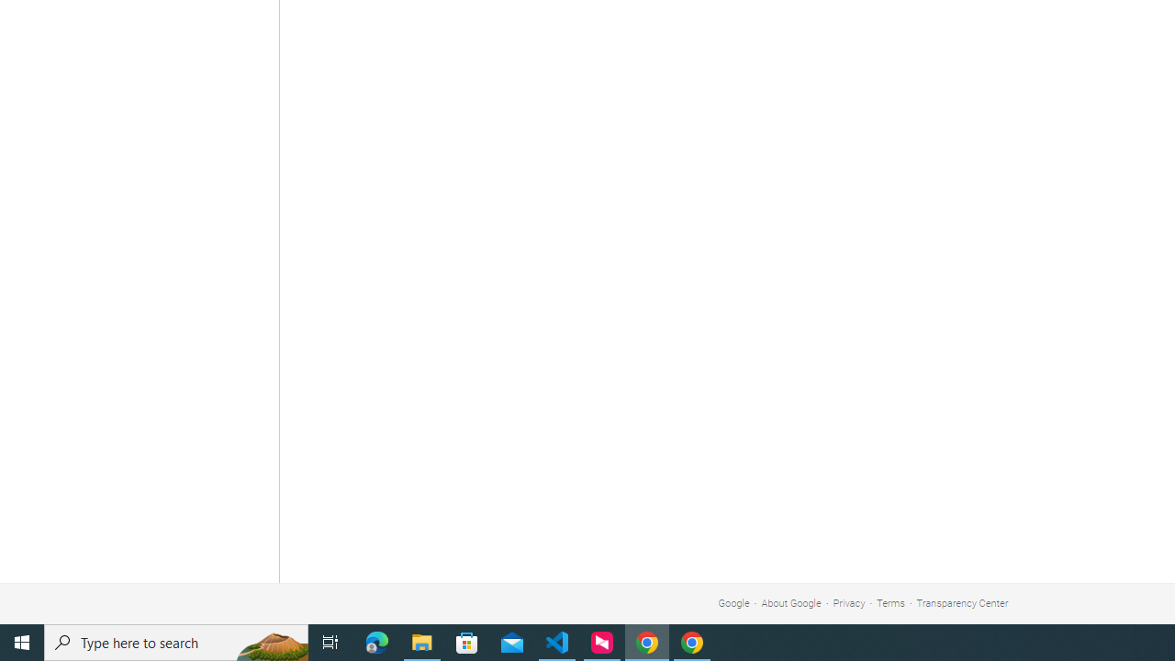 The image size is (1175, 661). Describe the element at coordinates (961, 603) in the screenshot. I see `'Transparency Center'` at that location.